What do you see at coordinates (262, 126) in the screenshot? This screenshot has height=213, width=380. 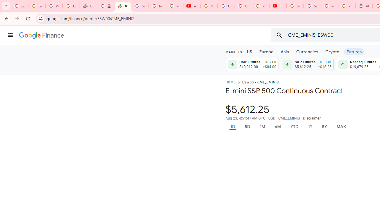 I see `'1M'` at bounding box center [262, 126].